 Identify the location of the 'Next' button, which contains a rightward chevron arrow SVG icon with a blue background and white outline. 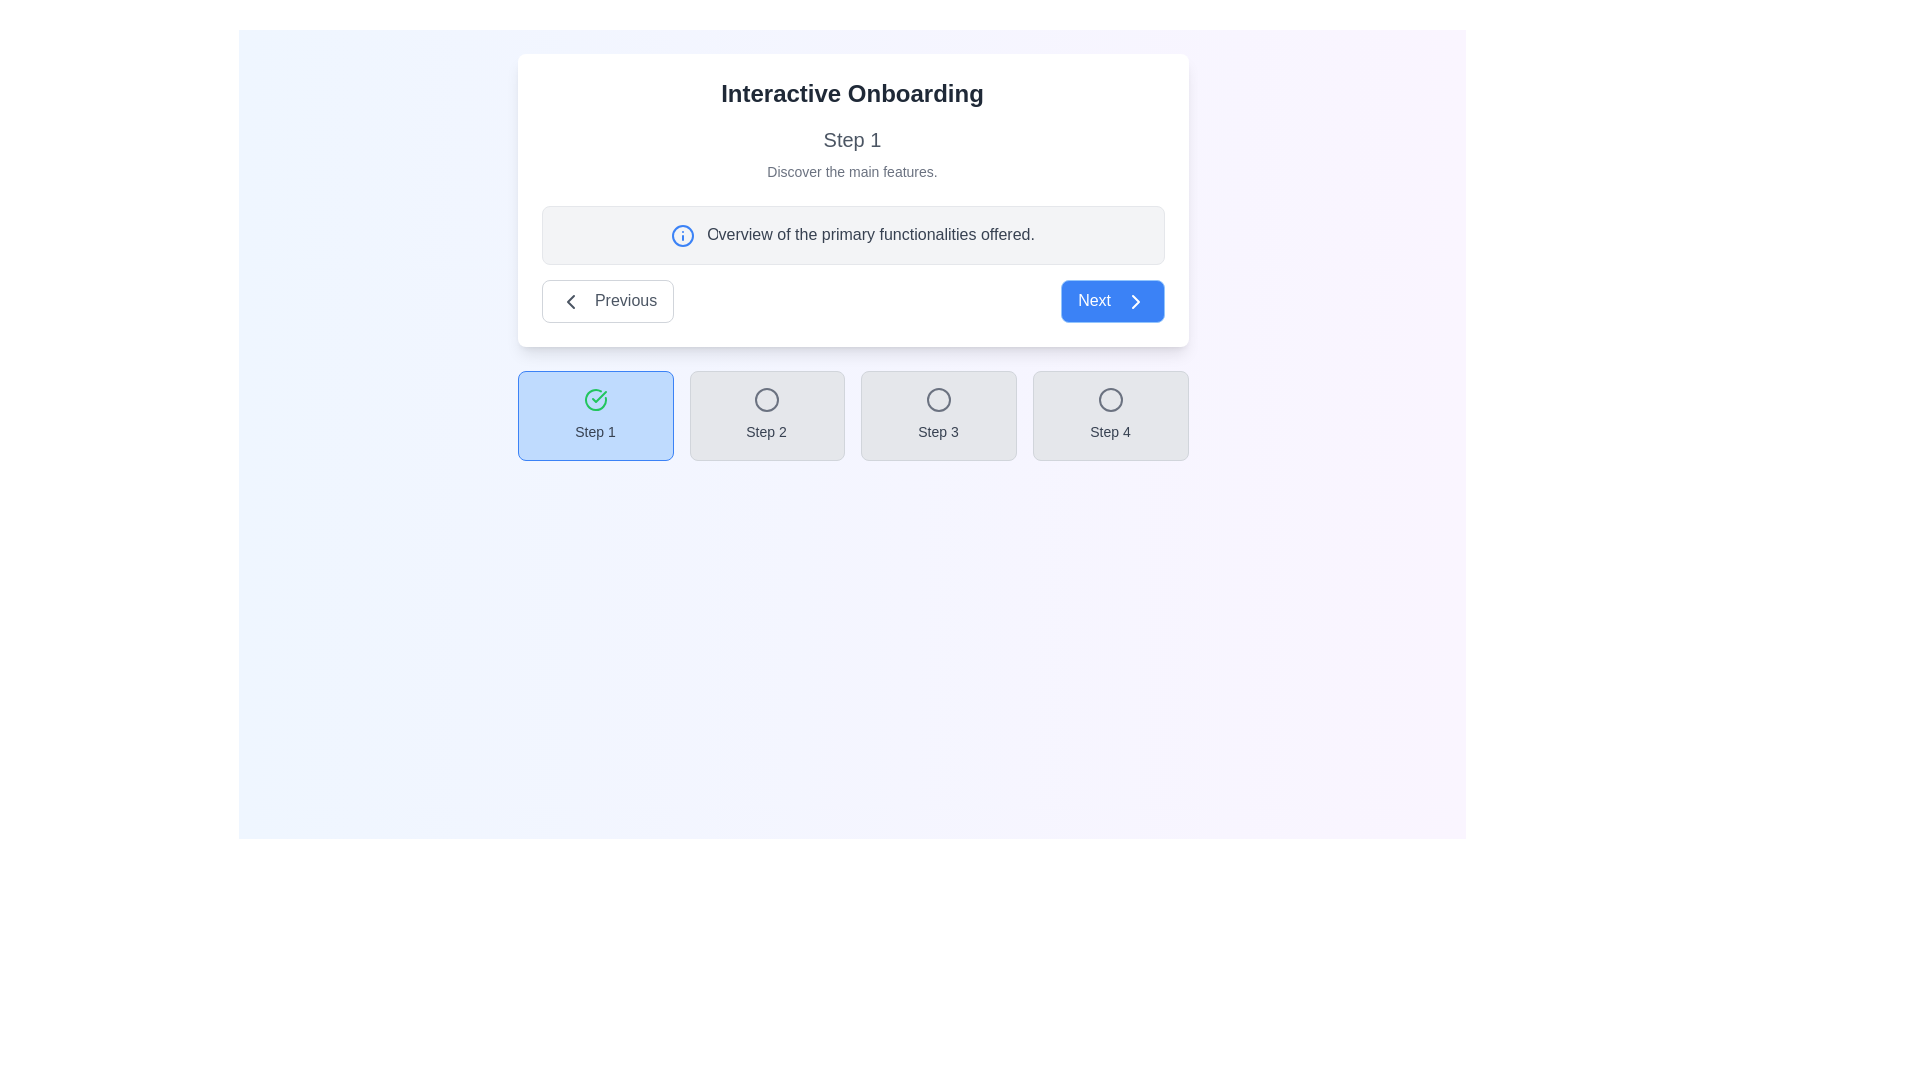
(1135, 301).